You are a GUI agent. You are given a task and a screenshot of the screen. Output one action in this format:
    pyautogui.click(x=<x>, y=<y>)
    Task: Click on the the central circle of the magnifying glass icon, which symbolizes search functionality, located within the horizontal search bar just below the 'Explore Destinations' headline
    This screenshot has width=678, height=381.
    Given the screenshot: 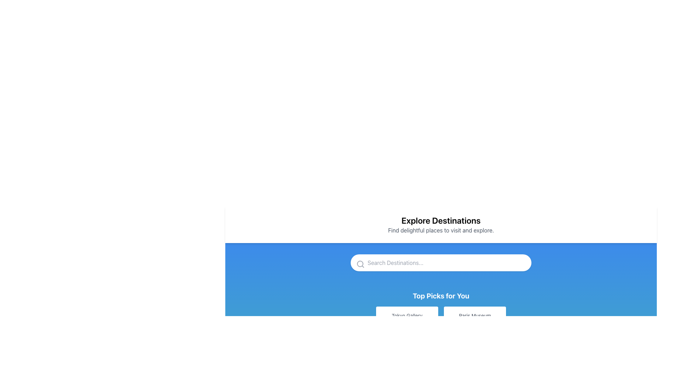 What is the action you would take?
    pyautogui.click(x=360, y=264)
    